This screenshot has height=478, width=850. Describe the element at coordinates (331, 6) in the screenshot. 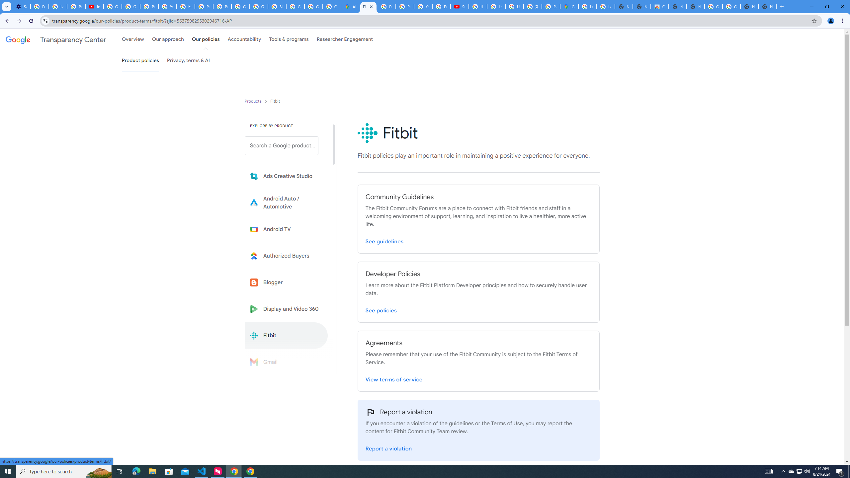

I see `'Create your Google Account'` at that location.